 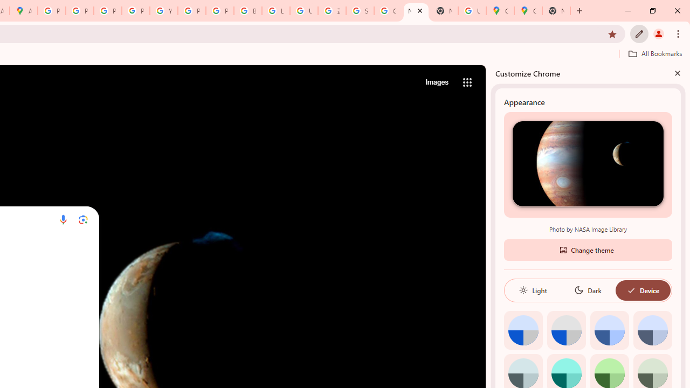 I want to click on 'Google Maps', so click(x=500, y=11).